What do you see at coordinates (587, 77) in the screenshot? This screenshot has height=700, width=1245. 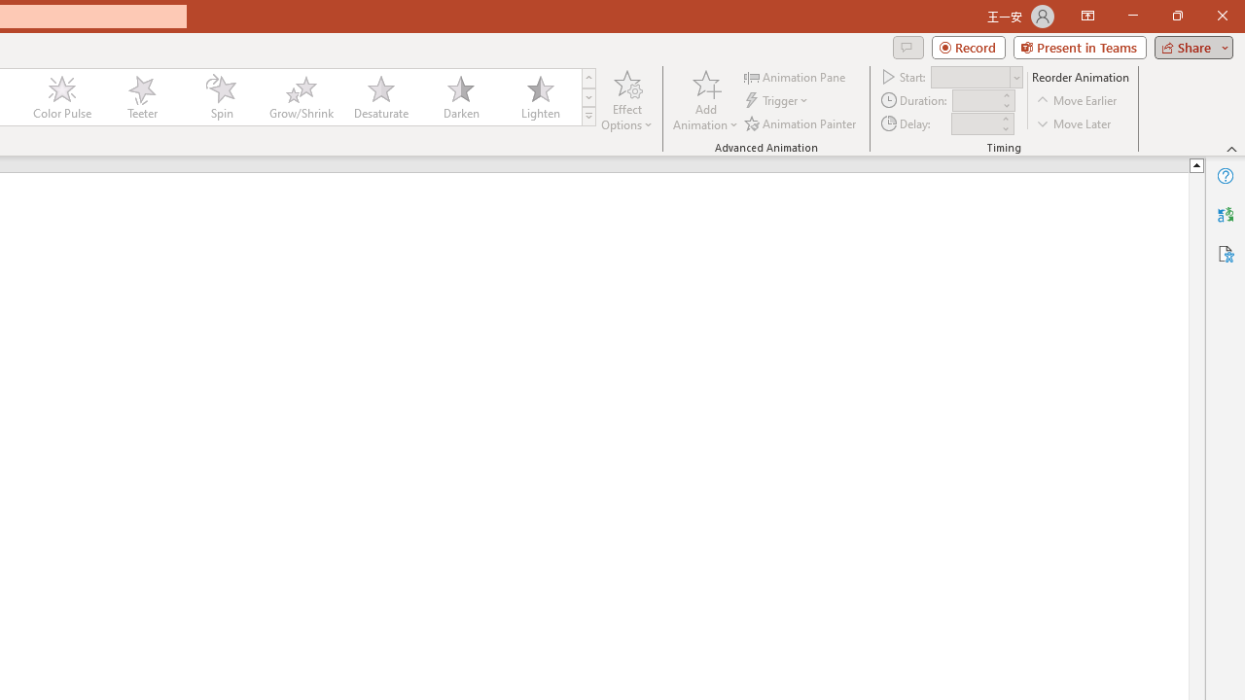 I see `'Row up'` at bounding box center [587, 77].